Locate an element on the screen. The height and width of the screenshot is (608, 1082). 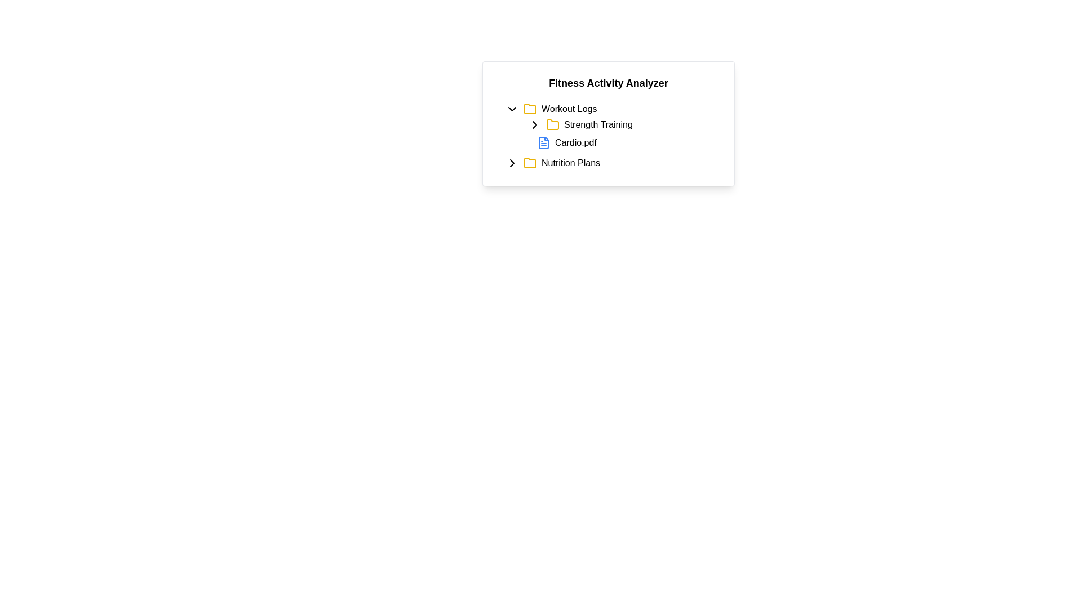
the chevron icon located to the immediate left of the 'Strength Training' text label is located at coordinates (534, 125).